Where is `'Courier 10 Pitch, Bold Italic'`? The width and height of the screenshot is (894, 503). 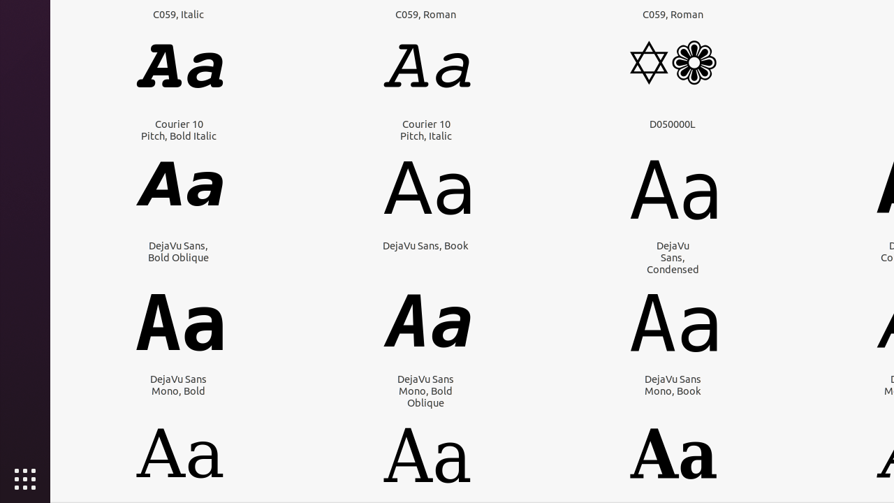
'Courier 10 Pitch, Bold Italic' is located at coordinates (178, 129).